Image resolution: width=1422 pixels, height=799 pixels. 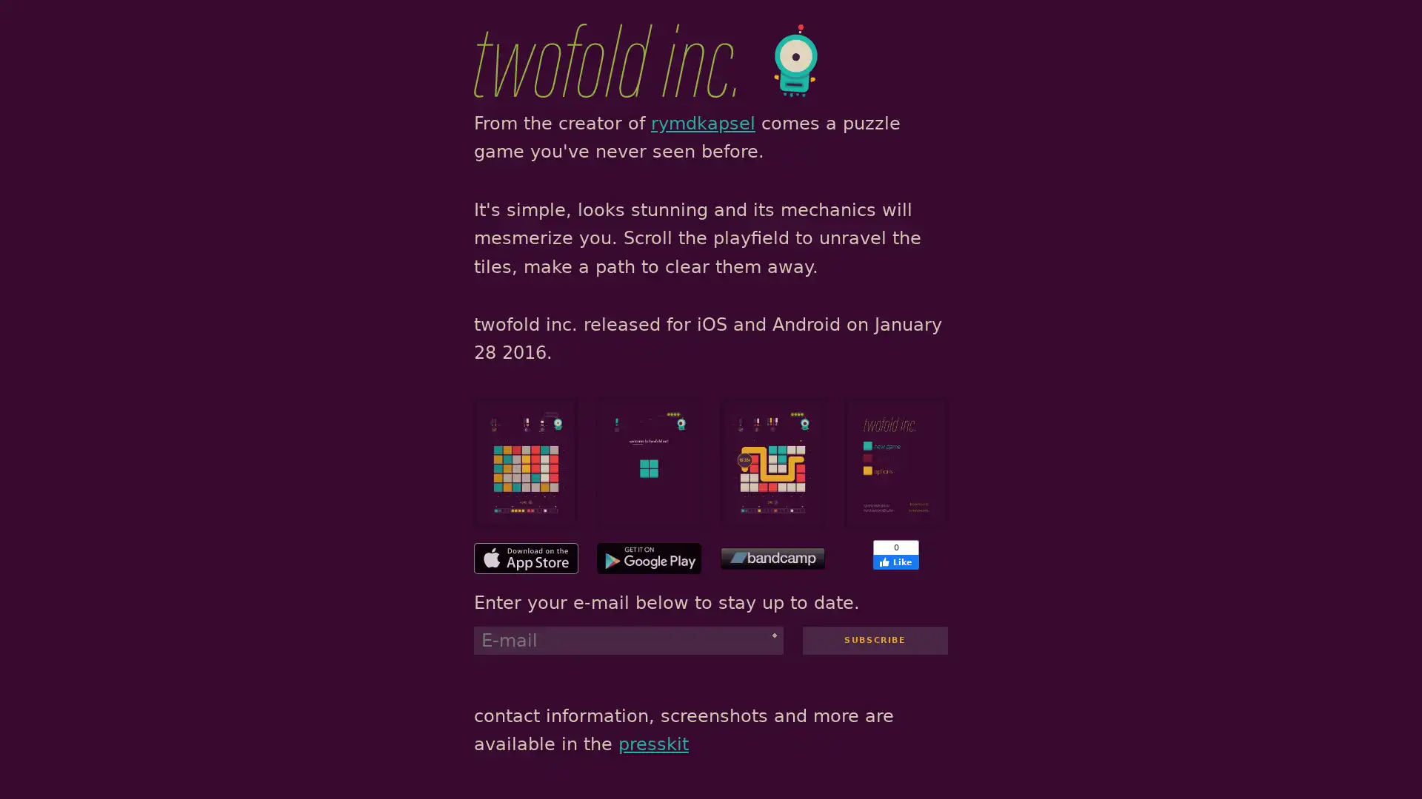 What do you see at coordinates (874, 638) in the screenshot?
I see `Subscribe` at bounding box center [874, 638].